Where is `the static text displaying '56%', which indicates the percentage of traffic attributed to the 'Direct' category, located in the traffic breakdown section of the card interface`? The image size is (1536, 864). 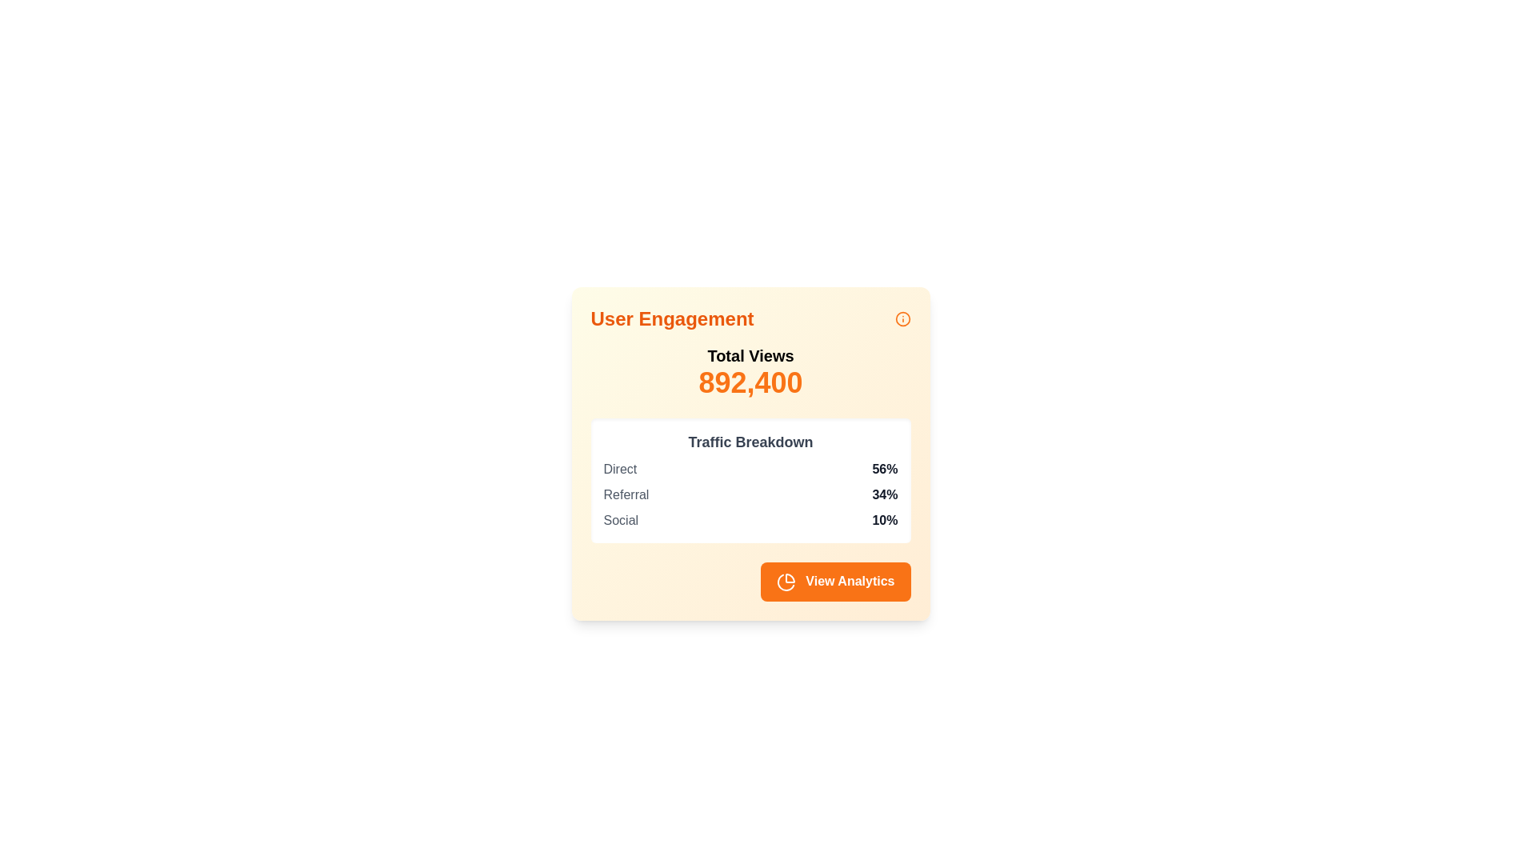 the static text displaying '56%', which indicates the percentage of traffic attributed to the 'Direct' category, located in the traffic breakdown section of the card interface is located at coordinates (884, 468).